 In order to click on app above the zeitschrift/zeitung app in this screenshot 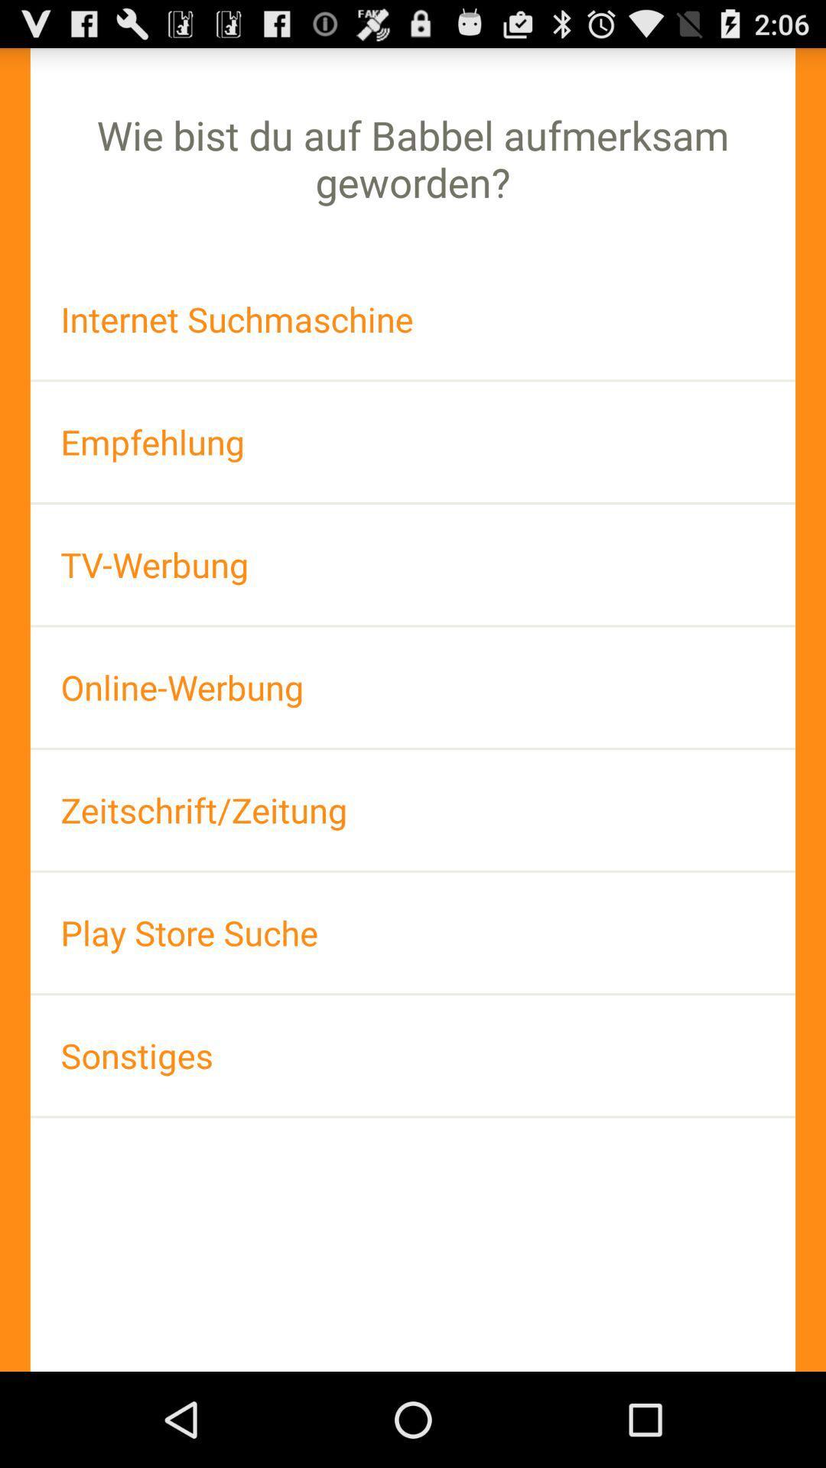, I will do `click(413, 687)`.